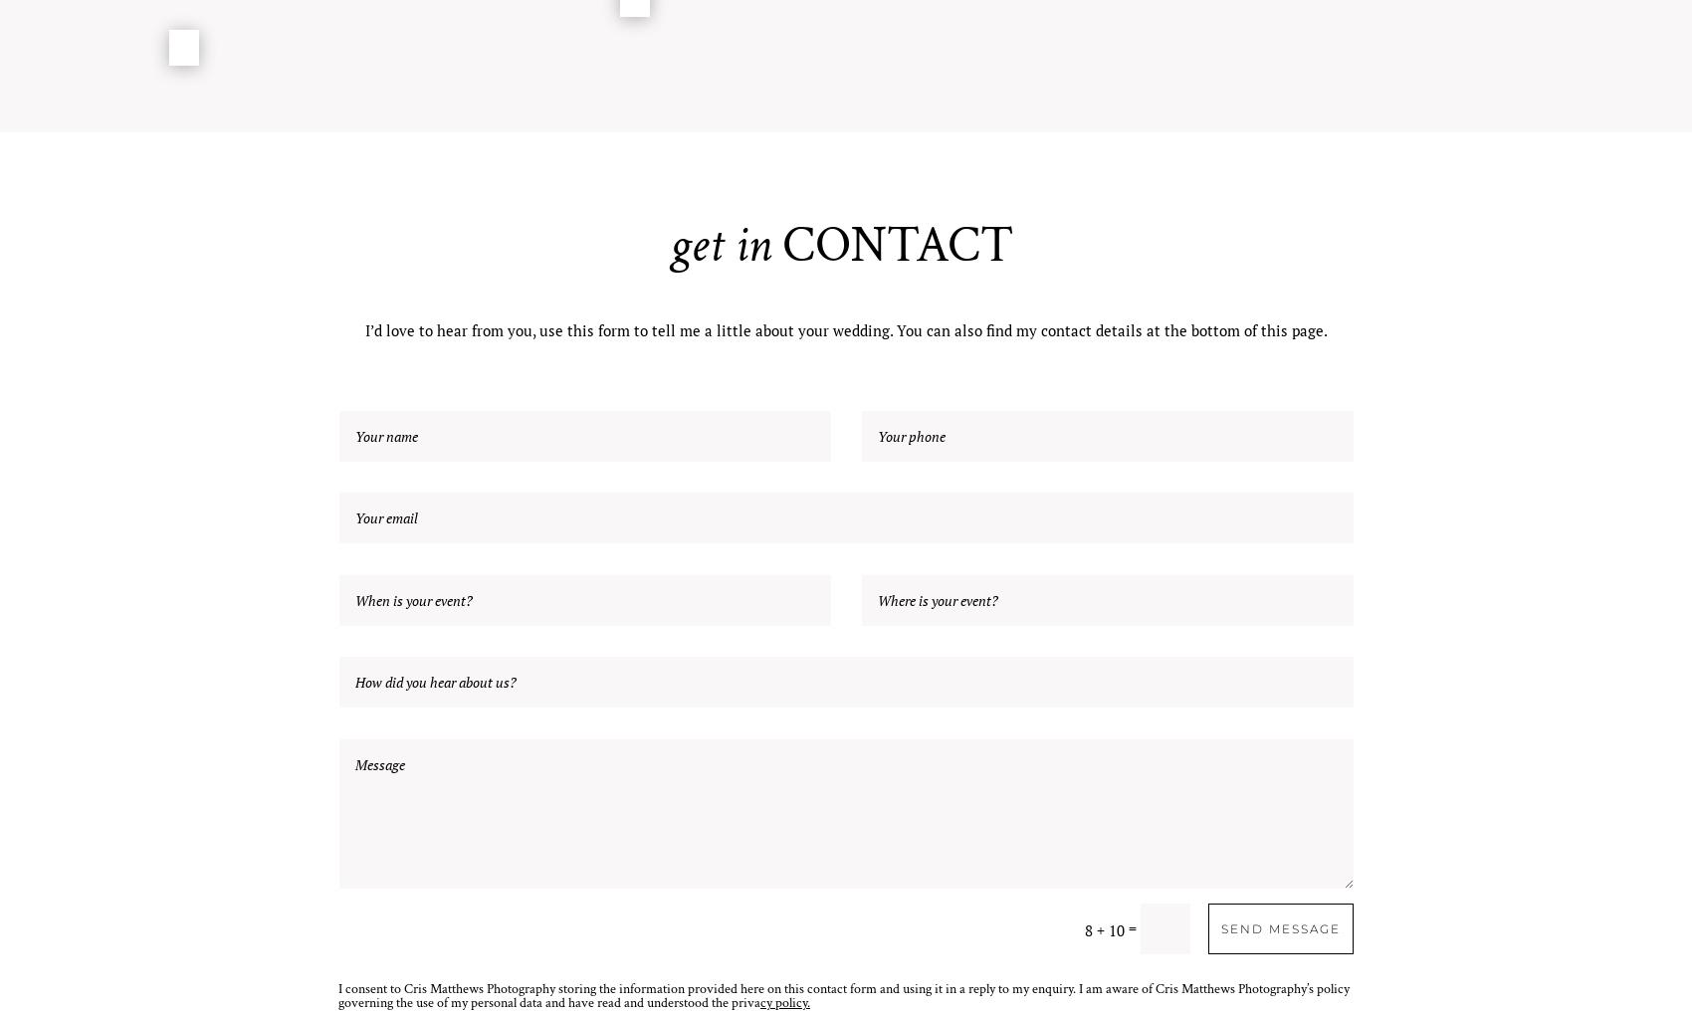 The height and width of the screenshot is (1014, 1692). What do you see at coordinates (807, 1002) in the screenshot?
I see `'.'` at bounding box center [807, 1002].